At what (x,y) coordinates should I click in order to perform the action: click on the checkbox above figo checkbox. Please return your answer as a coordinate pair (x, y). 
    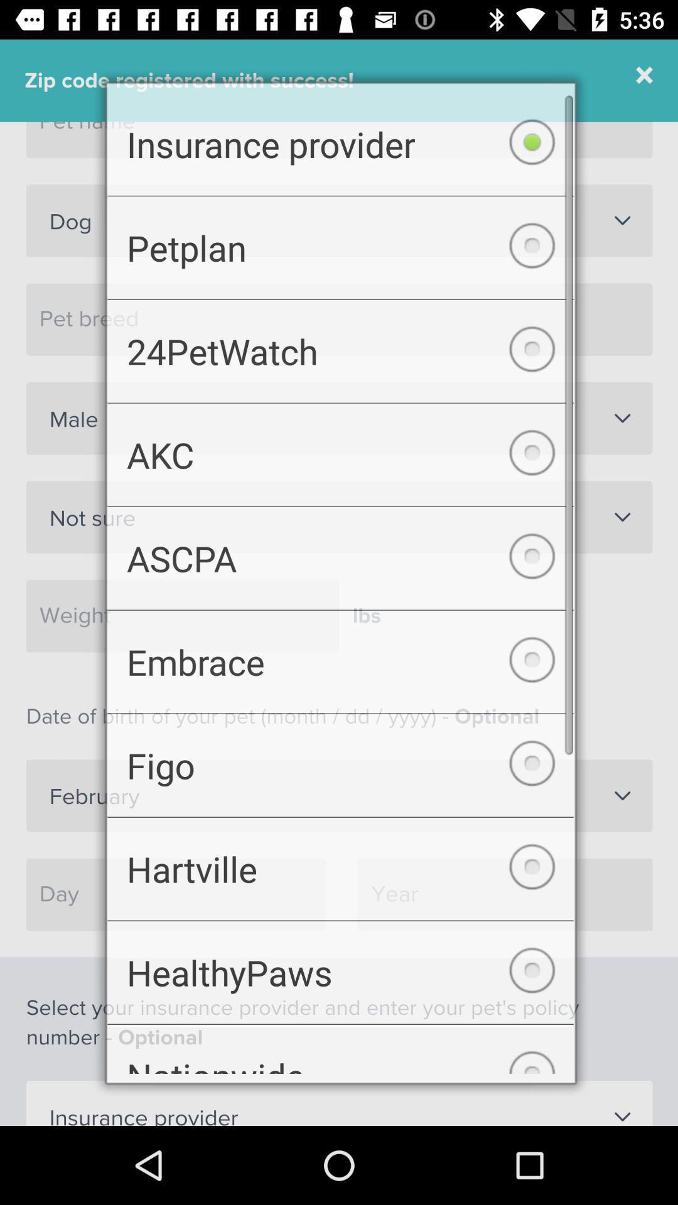
    Looking at the image, I should click on (340, 663).